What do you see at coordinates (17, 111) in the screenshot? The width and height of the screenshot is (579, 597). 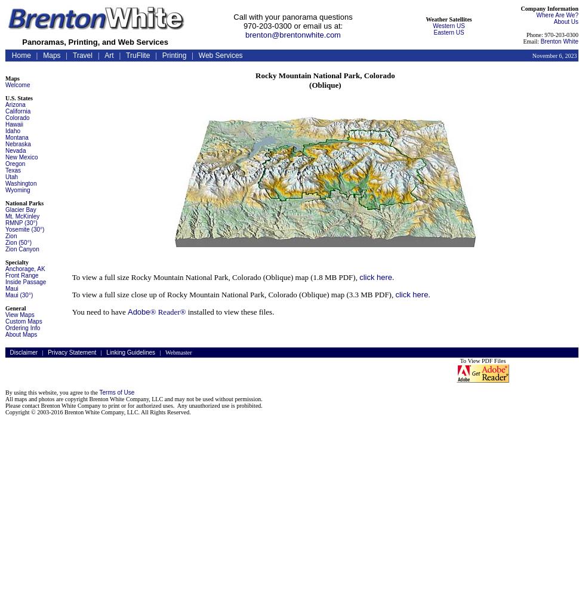 I see `'California'` at bounding box center [17, 111].